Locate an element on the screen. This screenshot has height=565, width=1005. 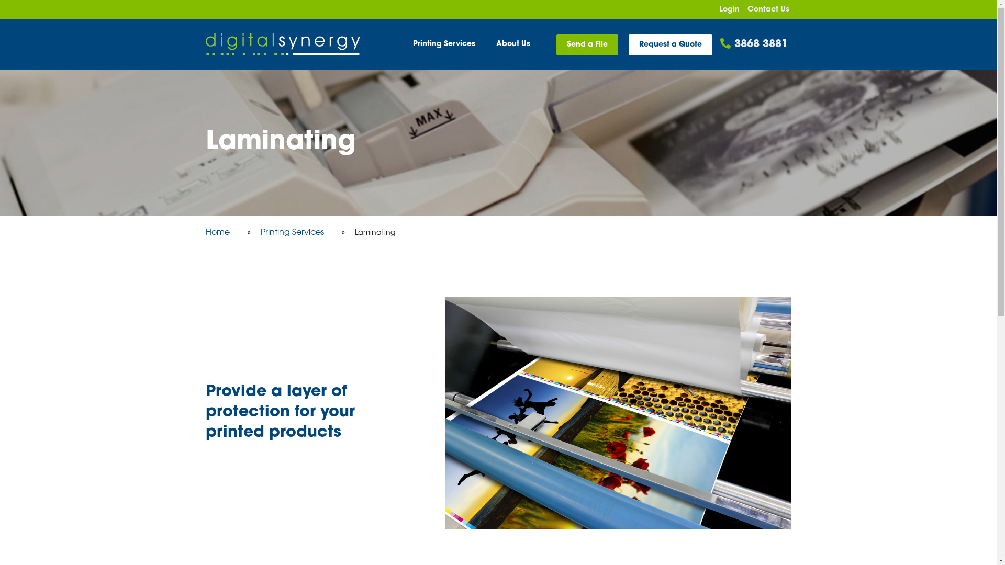
'About Us' is located at coordinates (513, 43).